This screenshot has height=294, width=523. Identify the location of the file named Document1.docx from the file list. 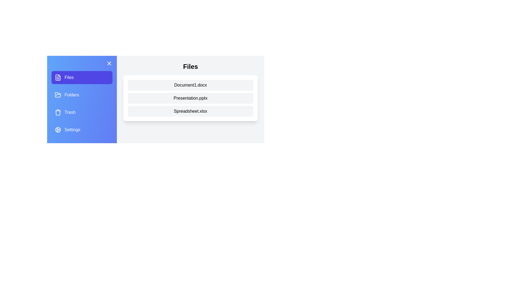
(190, 85).